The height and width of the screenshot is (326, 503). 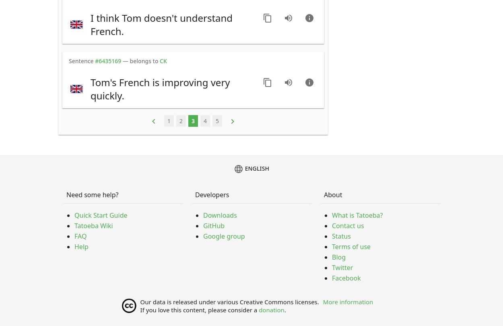 I want to click on 'FAQ', so click(x=80, y=236).